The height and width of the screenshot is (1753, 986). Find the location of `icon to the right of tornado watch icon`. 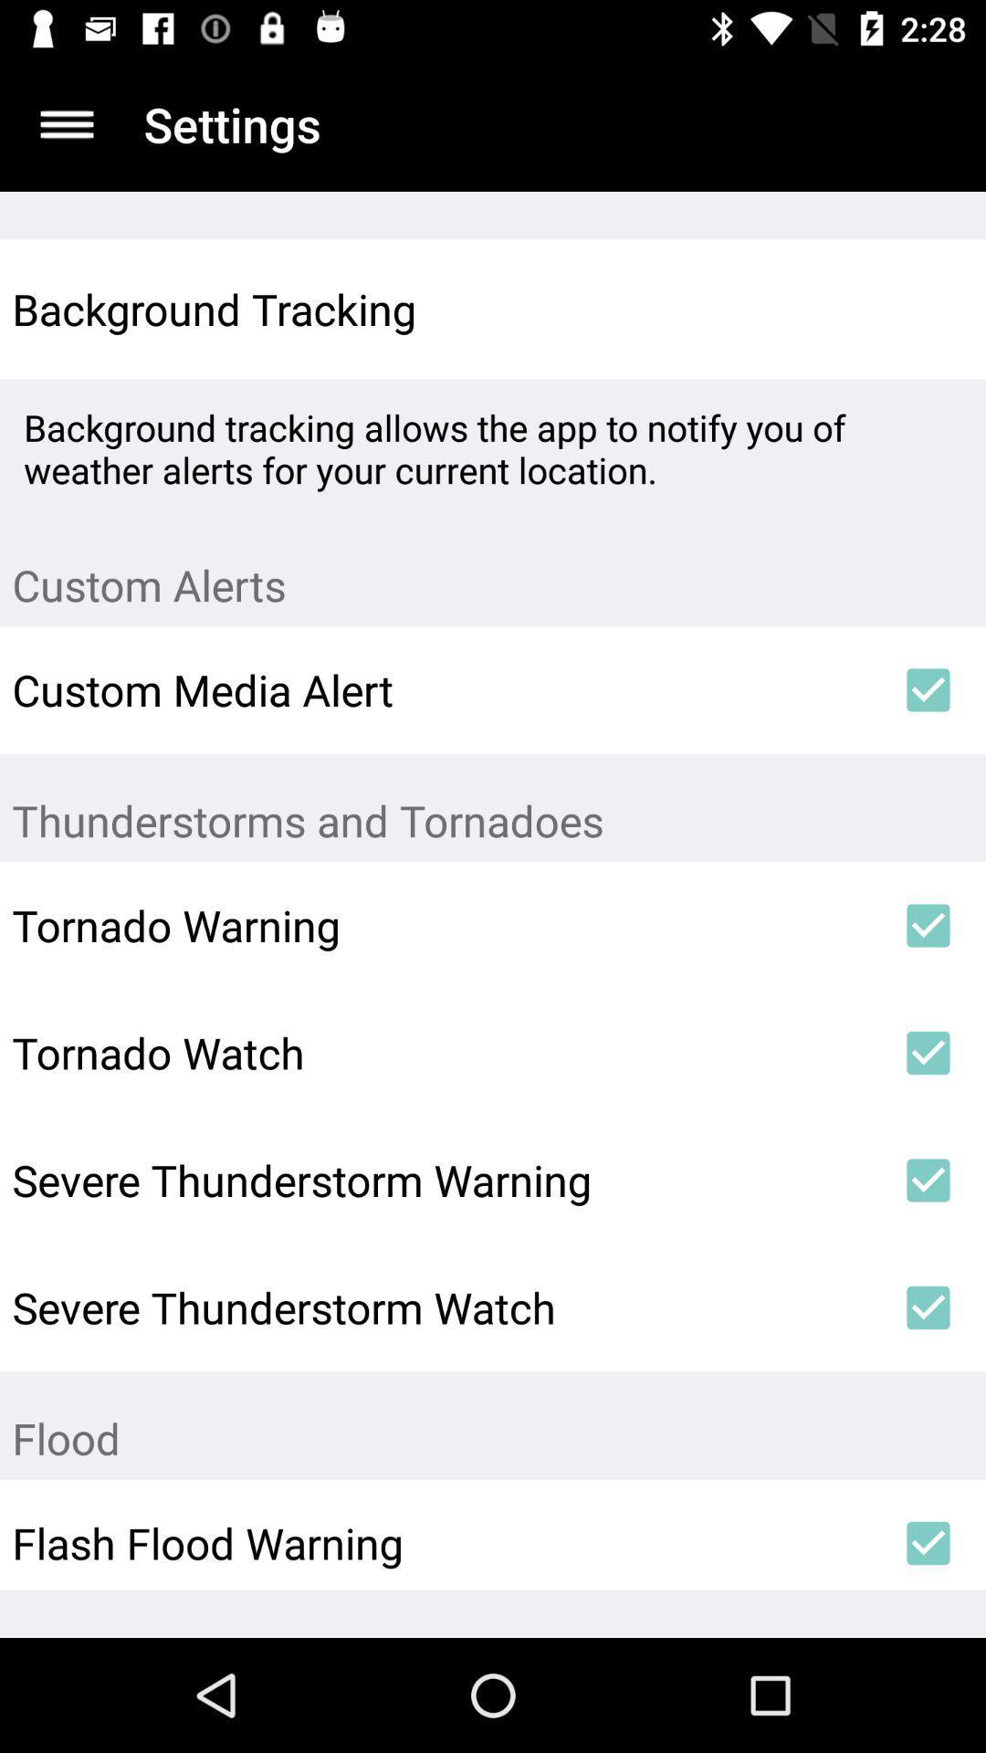

icon to the right of tornado watch icon is located at coordinates (928, 1053).